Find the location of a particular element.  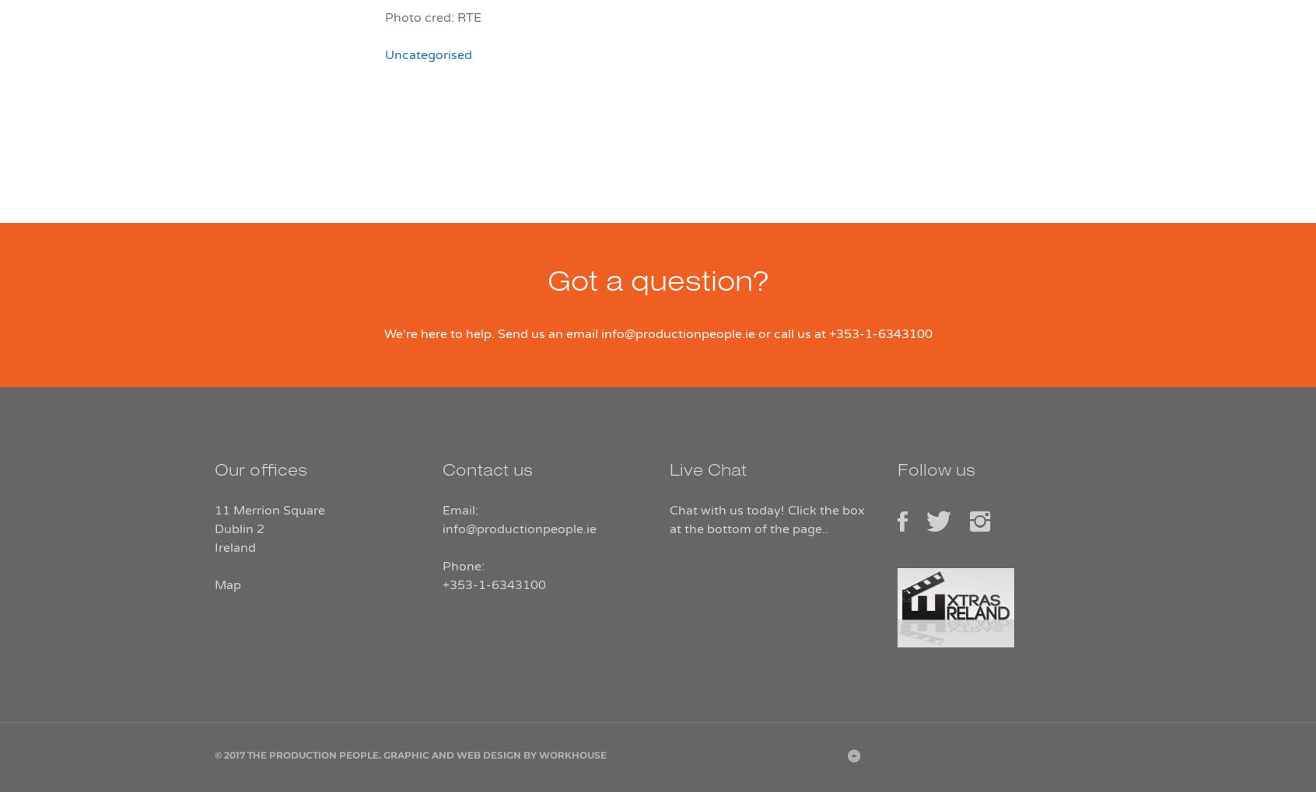

'Got a question?' is located at coordinates (658, 285).